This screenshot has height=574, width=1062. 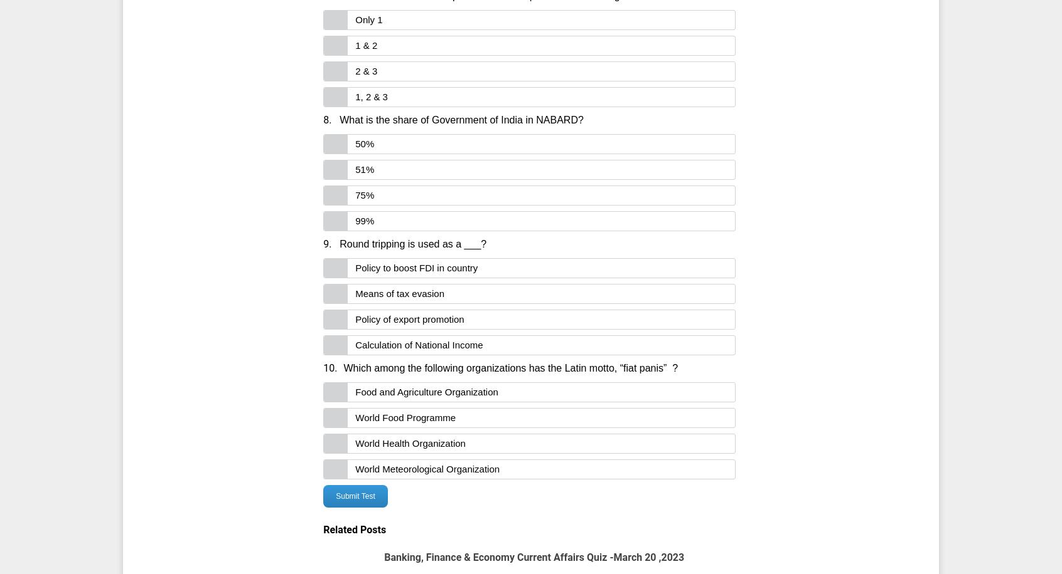 I want to click on 'Policy to boost FDI in country', so click(x=416, y=267).